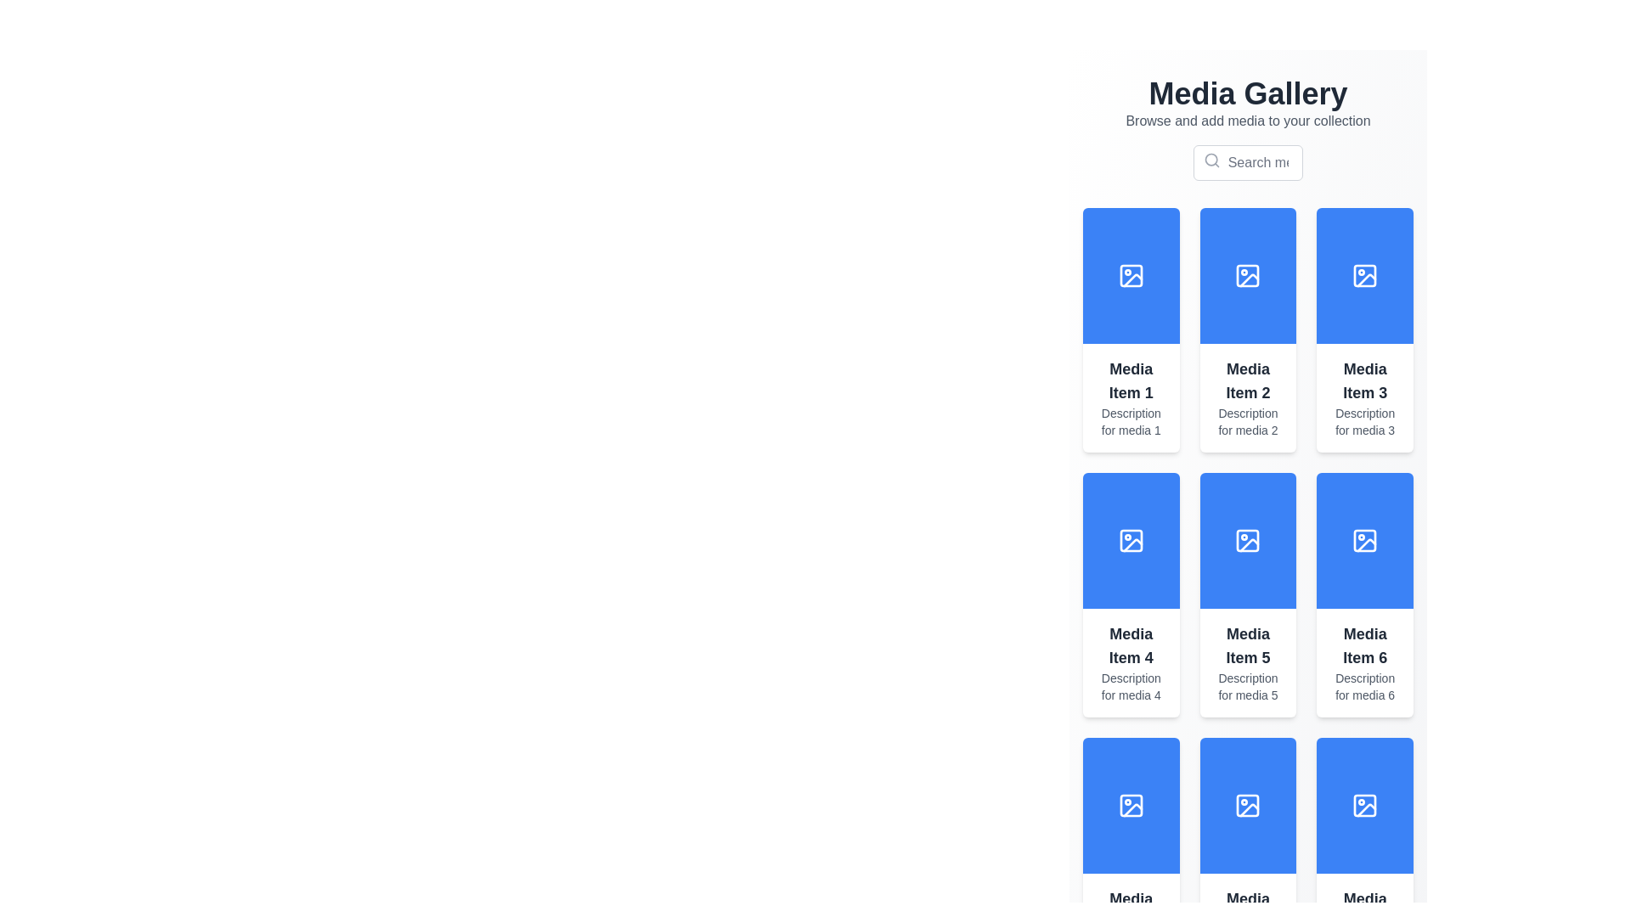 This screenshot has height=917, width=1631. Describe the element at coordinates (1131, 274) in the screenshot. I see `the icon that indicates the card item is an image or related to media content, located at the top-center of the blue card labeled 'Media Item 1' in the media gallery grid` at that location.